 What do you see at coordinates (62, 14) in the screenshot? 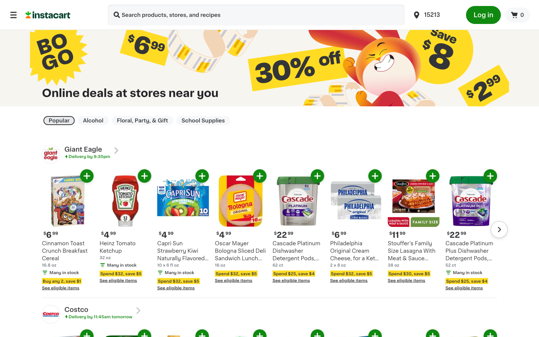
I see `Redirect to the homepage of Instacart` at bounding box center [62, 14].